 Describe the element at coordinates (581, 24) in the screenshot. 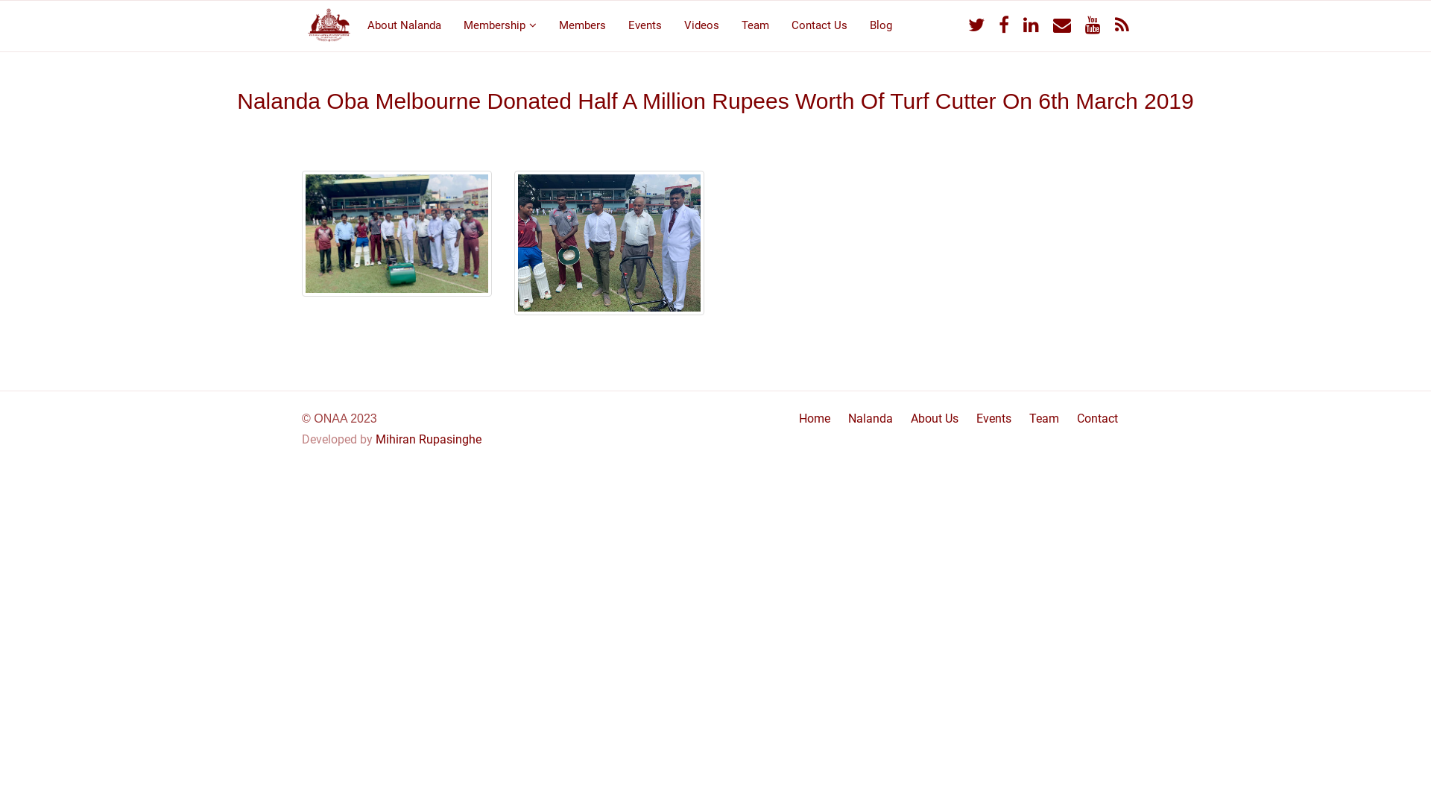

I see `'Members'` at that location.